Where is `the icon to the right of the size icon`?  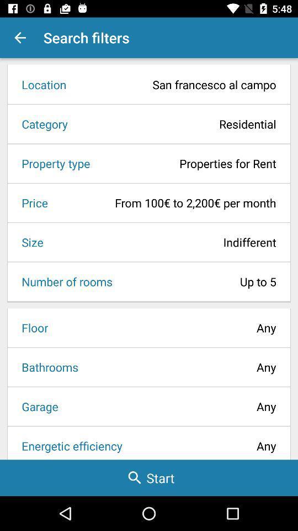 the icon to the right of the size icon is located at coordinates (163, 242).